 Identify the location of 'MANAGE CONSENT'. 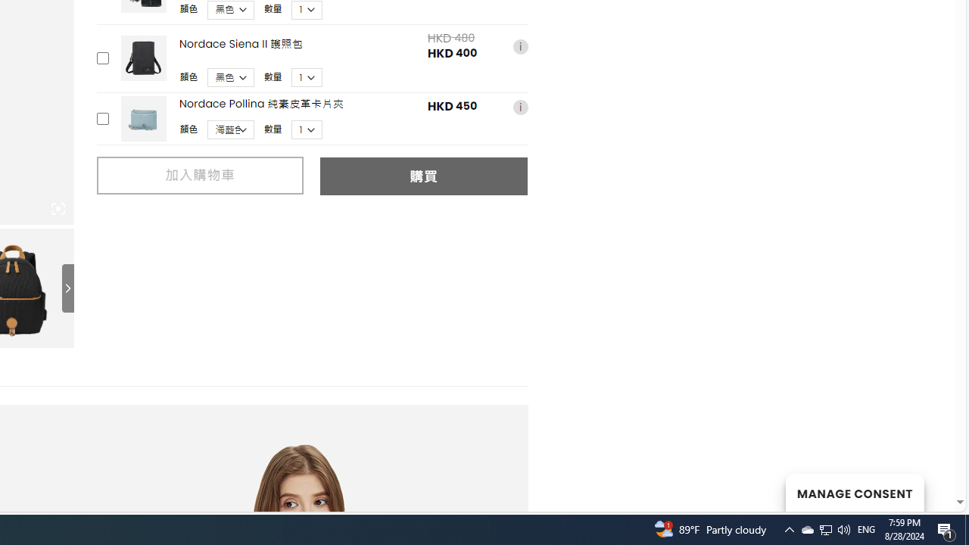
(854, 492).